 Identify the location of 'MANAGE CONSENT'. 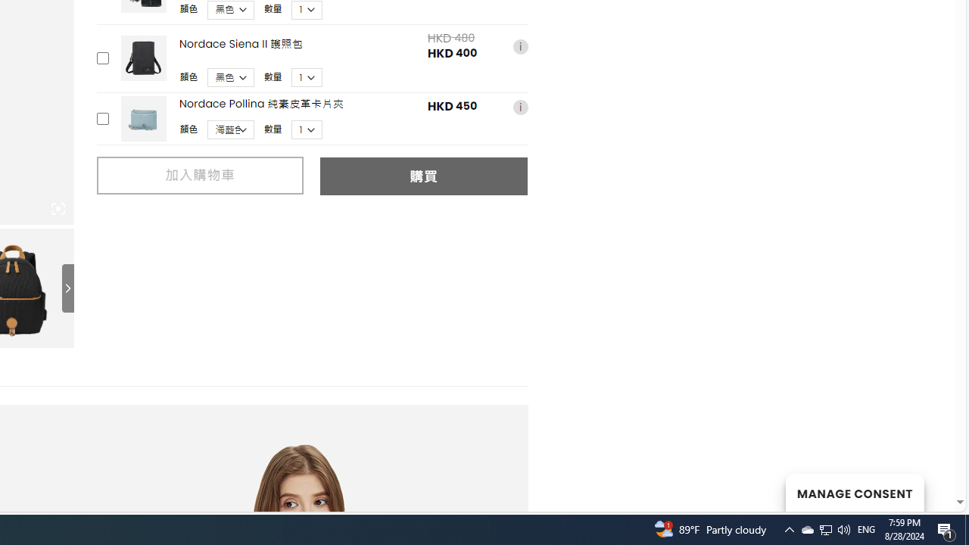
(854, 492).